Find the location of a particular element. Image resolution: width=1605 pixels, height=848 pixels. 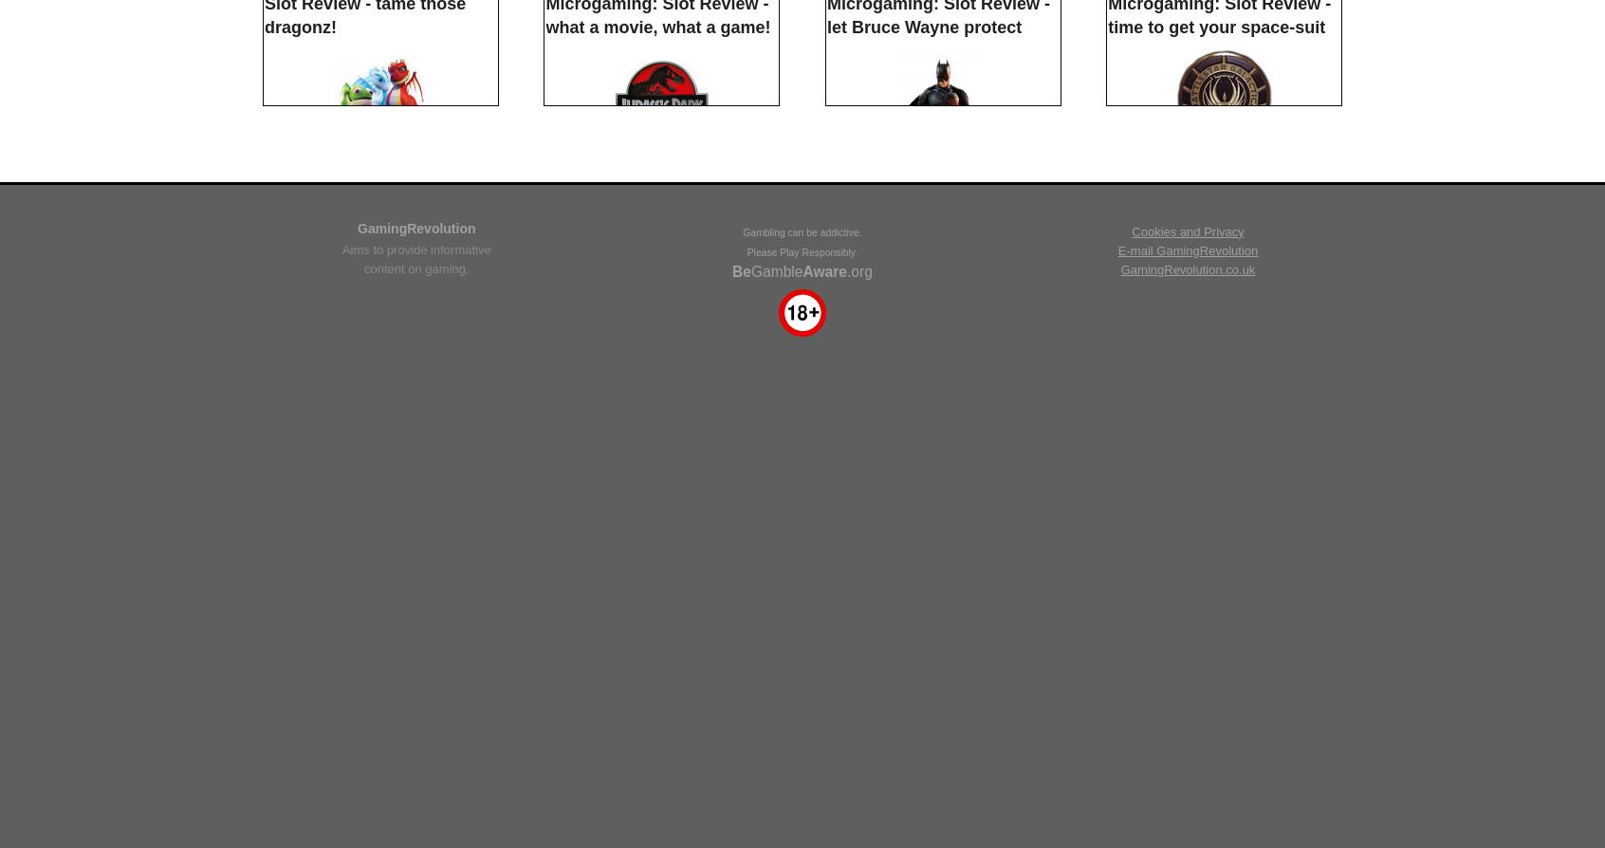

'Gambling can be addictive.' is located at coordinates (743, 707).